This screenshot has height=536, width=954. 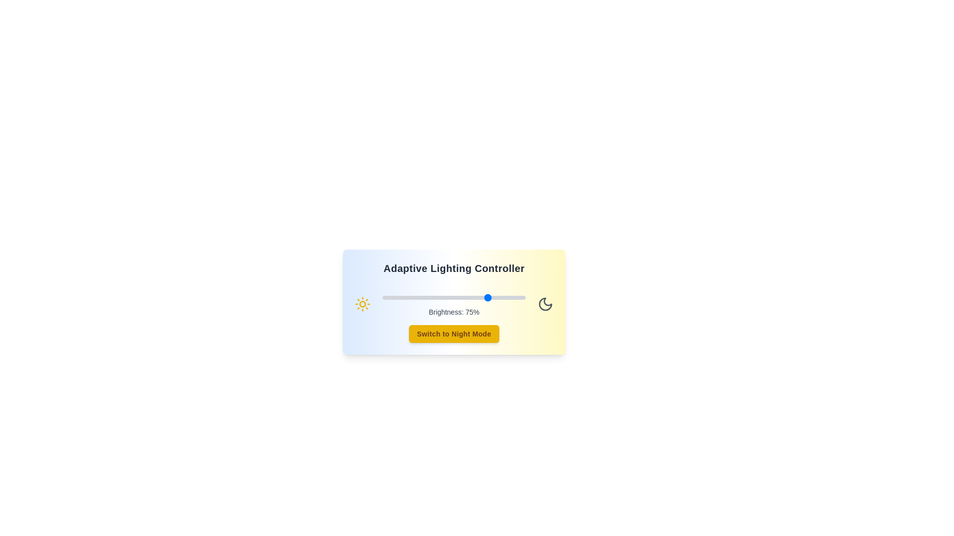 I want to click on the night mode toggle button located below the 'Brightness: 75%' progress bar in the 'Adaptive Lighting Controller' section, so click(x=453, y=334).